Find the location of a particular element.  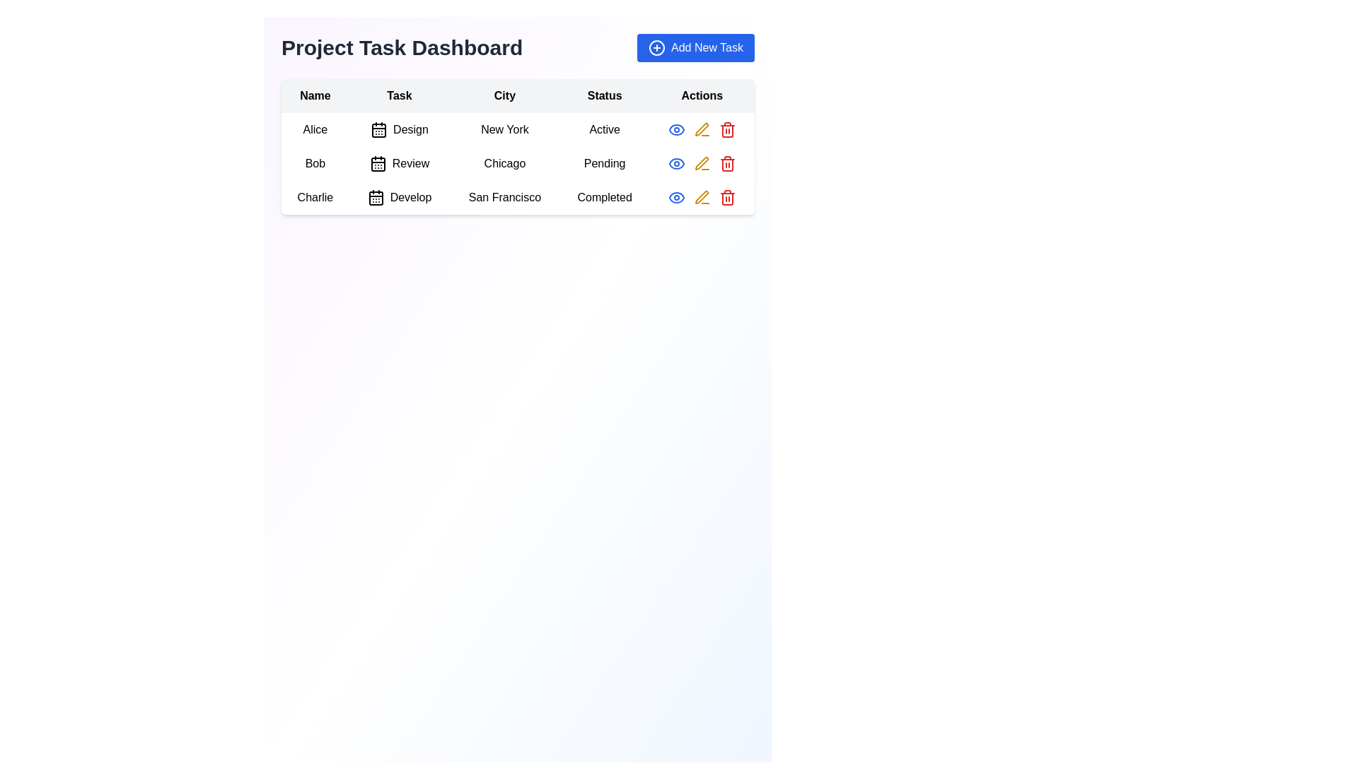

the edit icon represented by a pen or pencil located to the right of the second row under the 'Actions' column in the table layout is located at coordinates (702, 162).